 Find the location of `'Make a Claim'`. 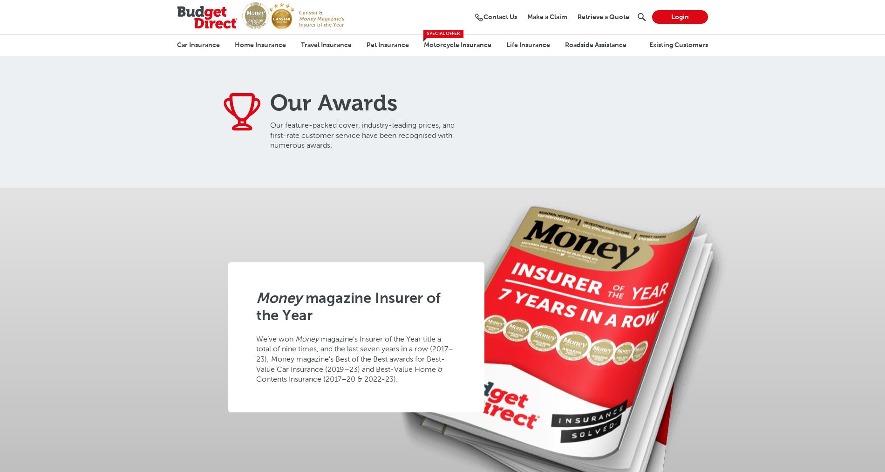

'Make a Claim' is located at coordinates (547, 16).